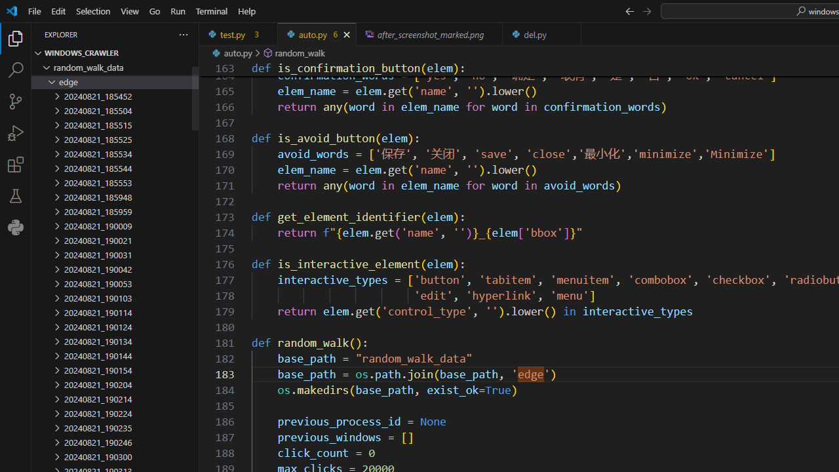 The height and width of the screenshot is (472, 839). Describe the element at coordinates (130, 10) in the screenshot. I see `'View'` at that location.